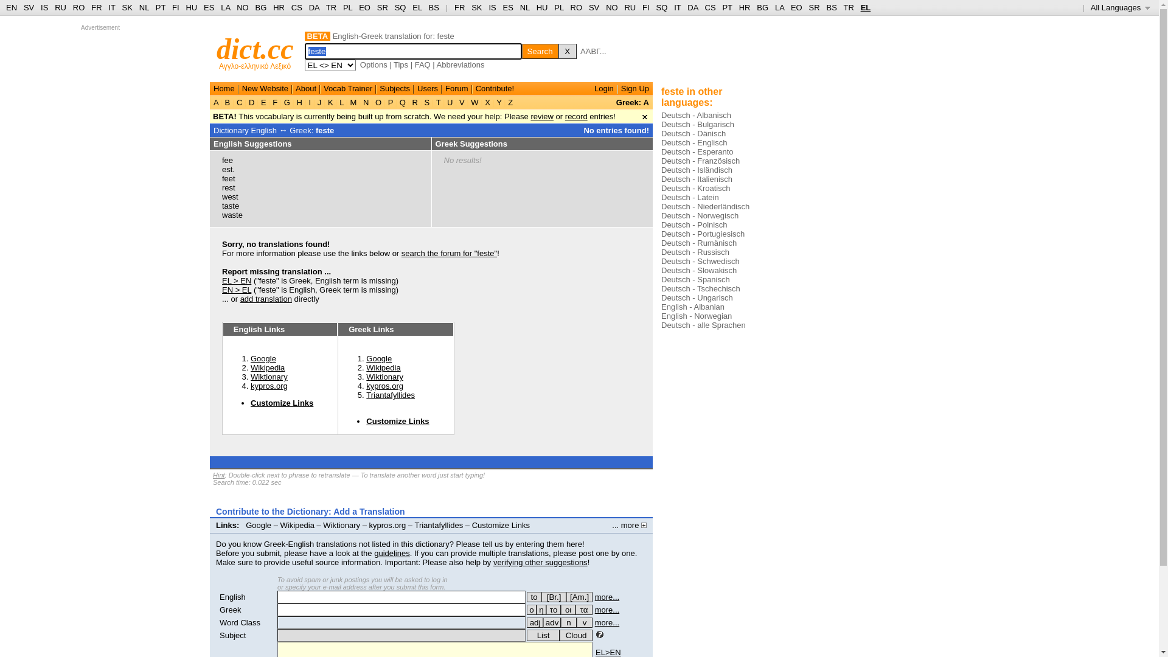  What do you see at coordinates (231, 130) in the screenshot?
I see `'Dictionary'` at bounding box center [231, 130].